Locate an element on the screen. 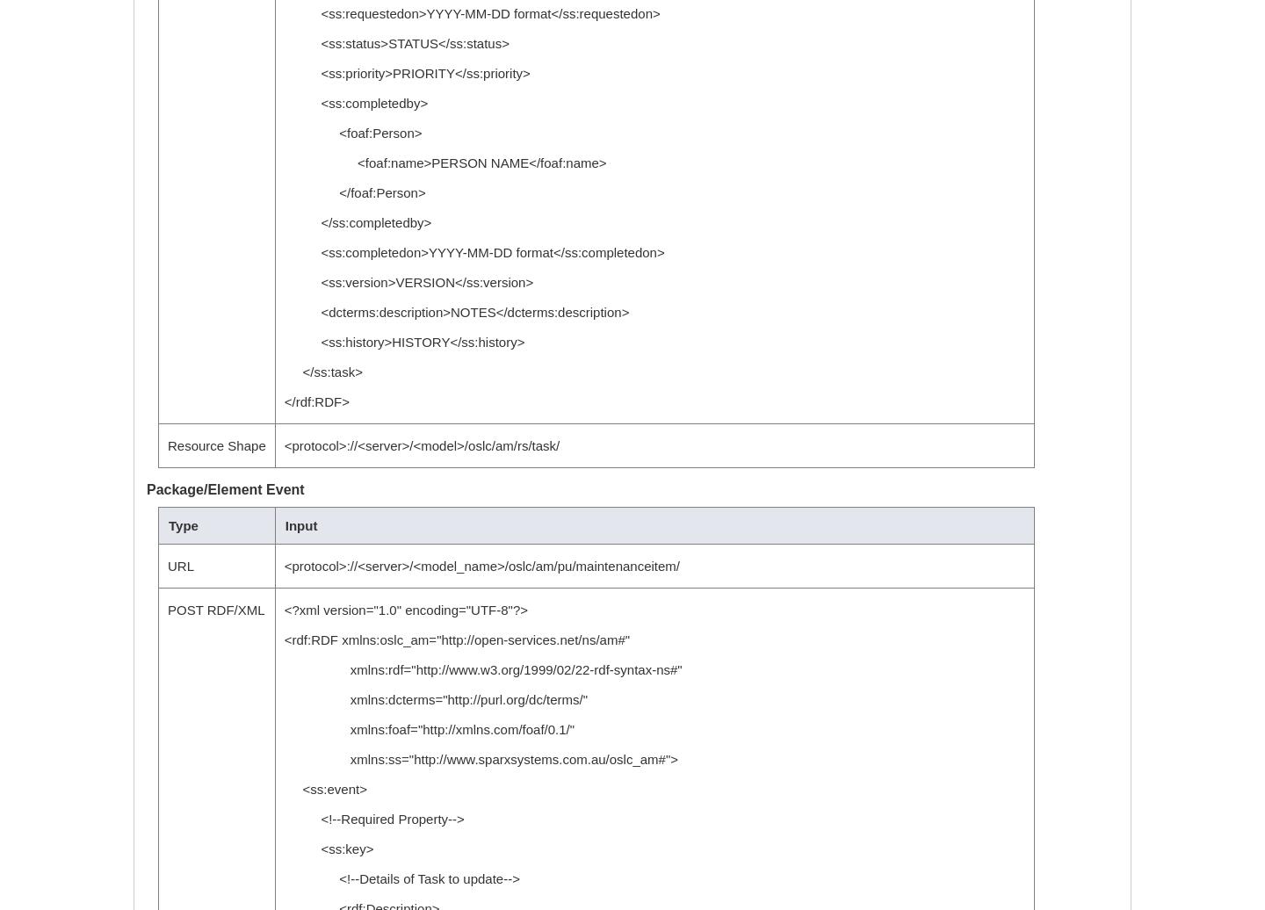 This screenshot has width=1265, height=910. 'Package/Element Event' is located at coordinates (146, 489).